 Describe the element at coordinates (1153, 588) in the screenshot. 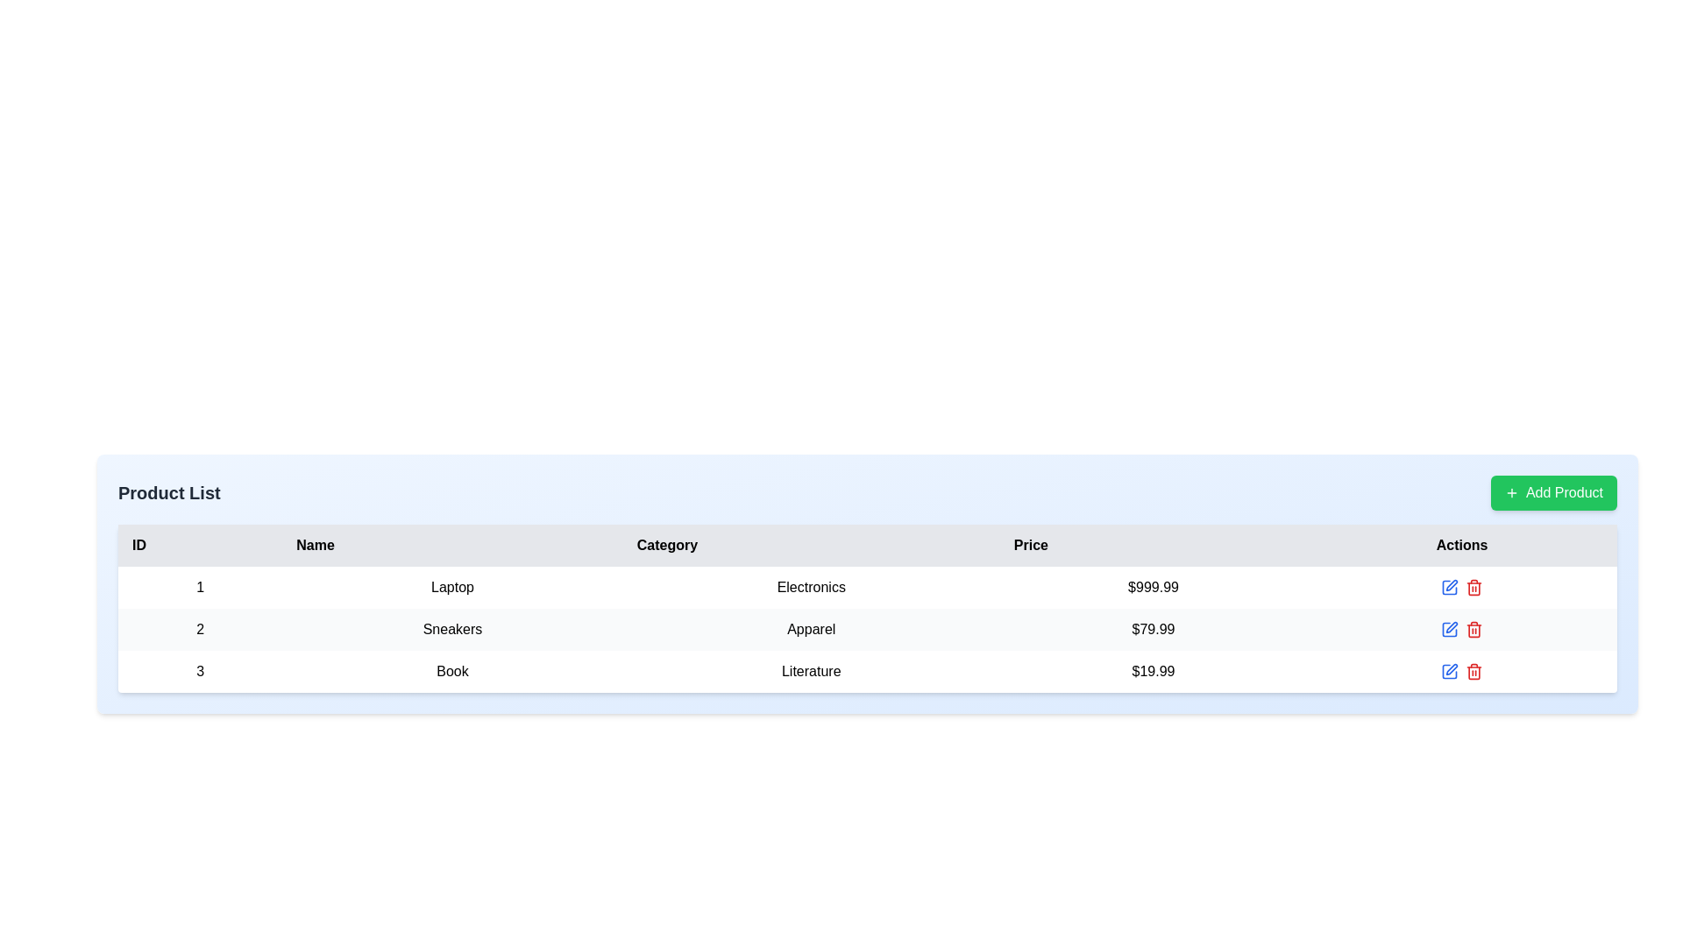

I see `the price element of the product 'Laptop' located in the 'Price' column of the table under the 'Electronics' category` at that location.